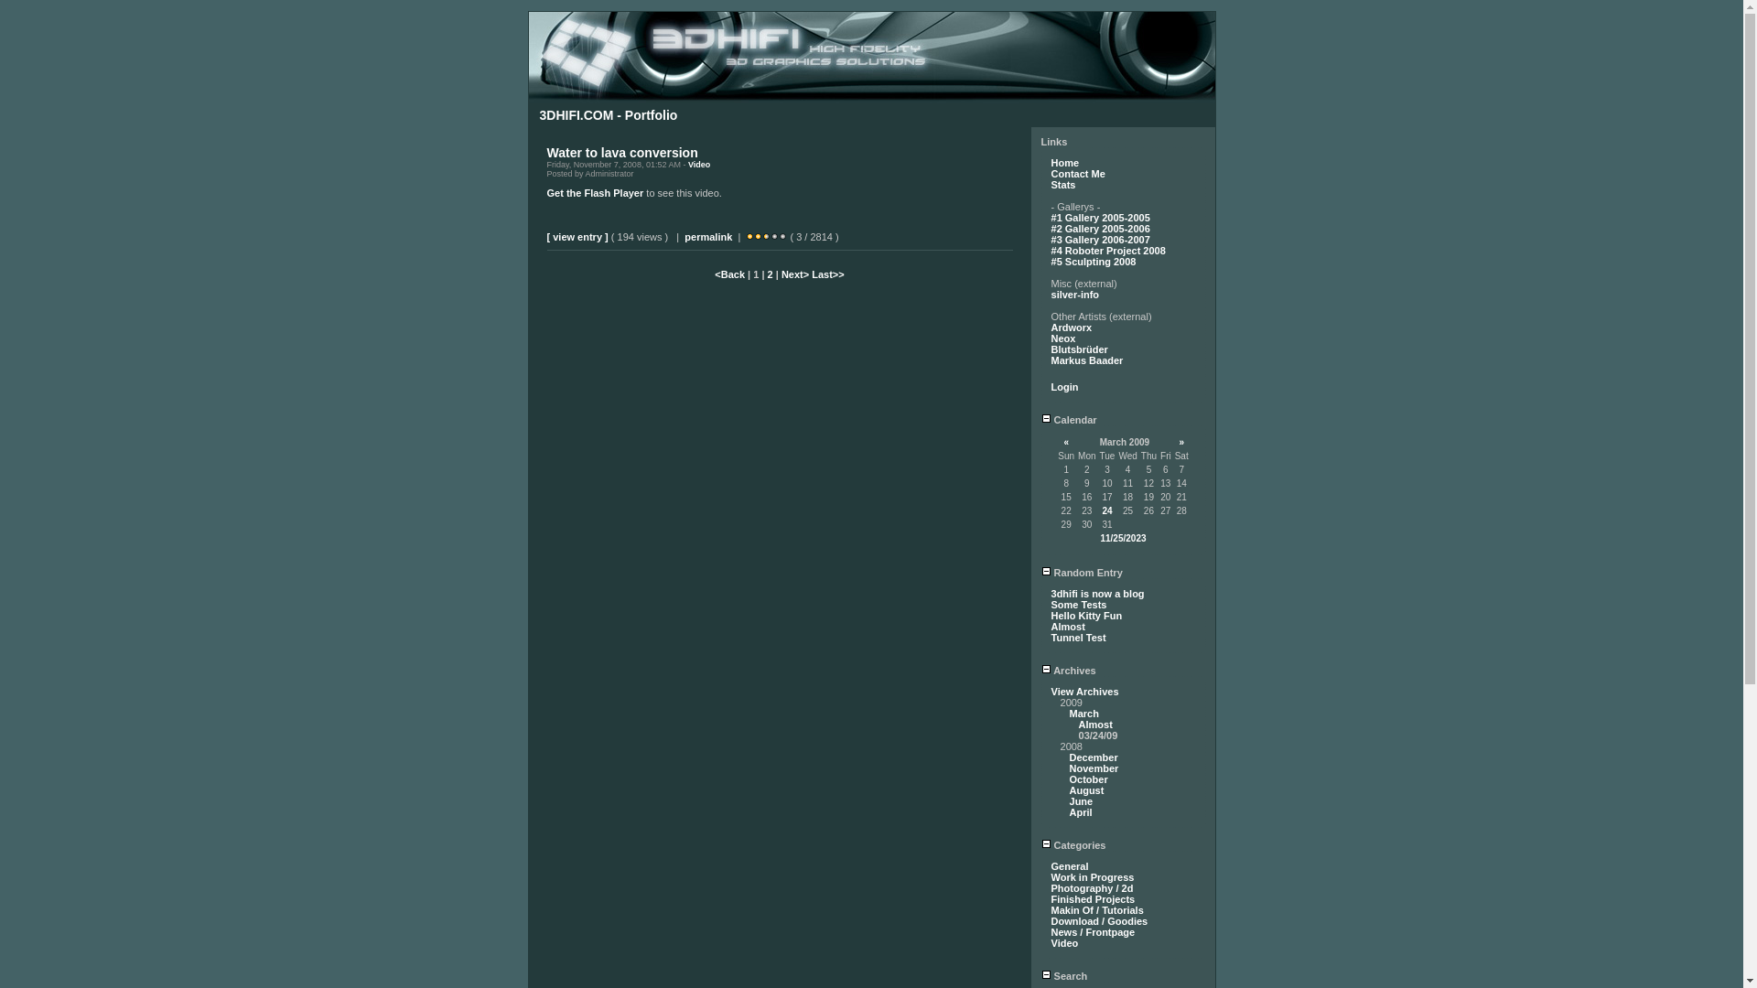 The height and width of the screenshot is (988, 1757). I want to click on '#1 Gallery 2005-2005', so click(1100, 217).